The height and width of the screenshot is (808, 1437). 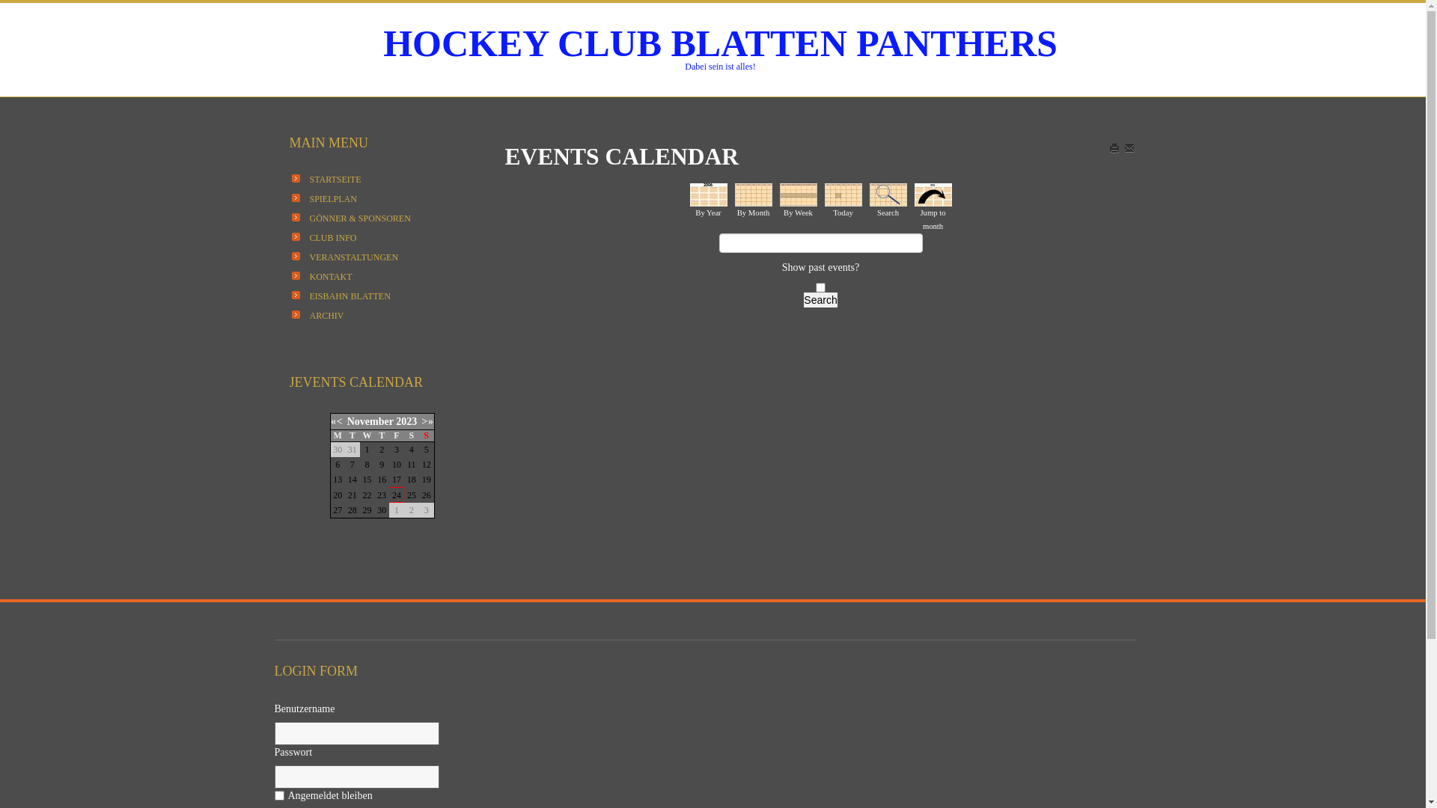 I want to click on 'ARCHIV', so click(x=308, y=314).